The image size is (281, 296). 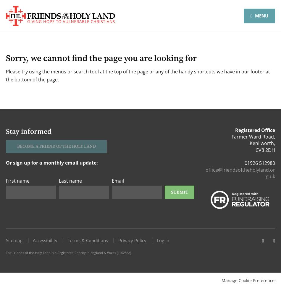 I want to click on 'Kenilworth,', so click(x=249, y=143).